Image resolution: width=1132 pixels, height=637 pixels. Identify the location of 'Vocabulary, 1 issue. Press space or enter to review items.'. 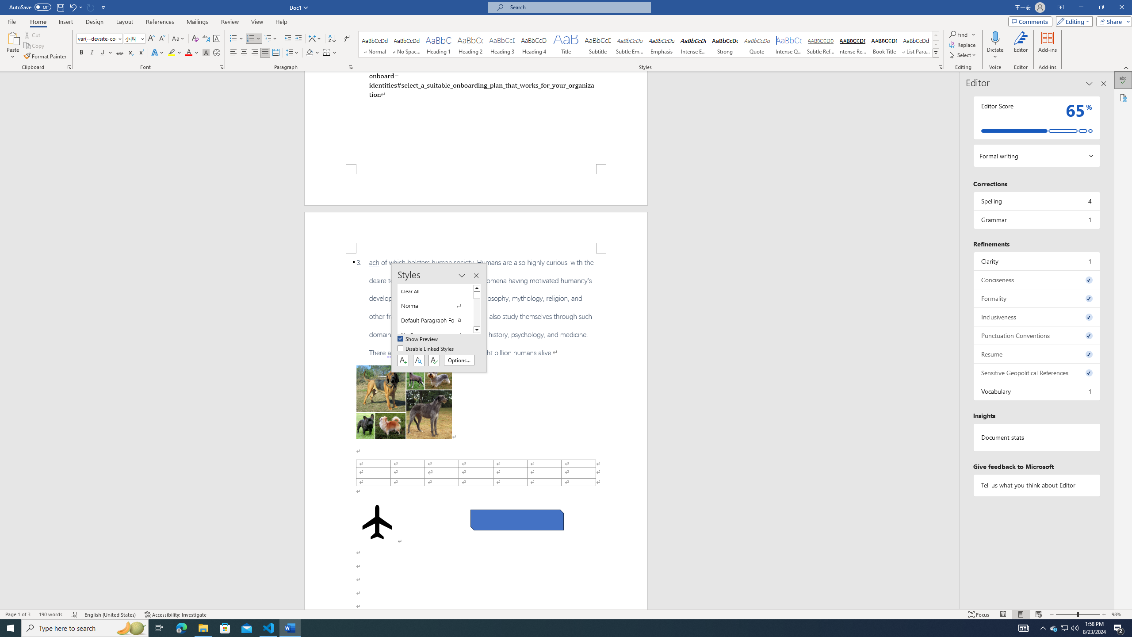
(1036, 391).